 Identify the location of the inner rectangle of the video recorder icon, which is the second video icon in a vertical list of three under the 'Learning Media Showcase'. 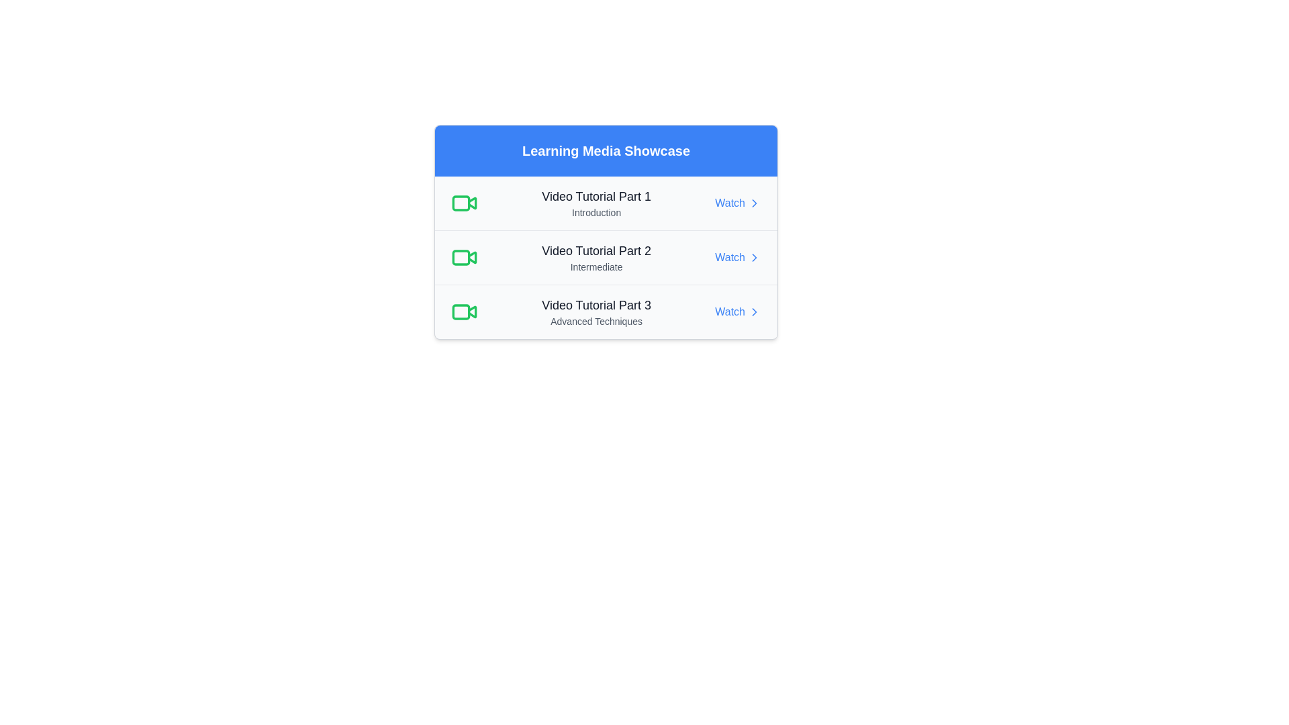
(461, 258).